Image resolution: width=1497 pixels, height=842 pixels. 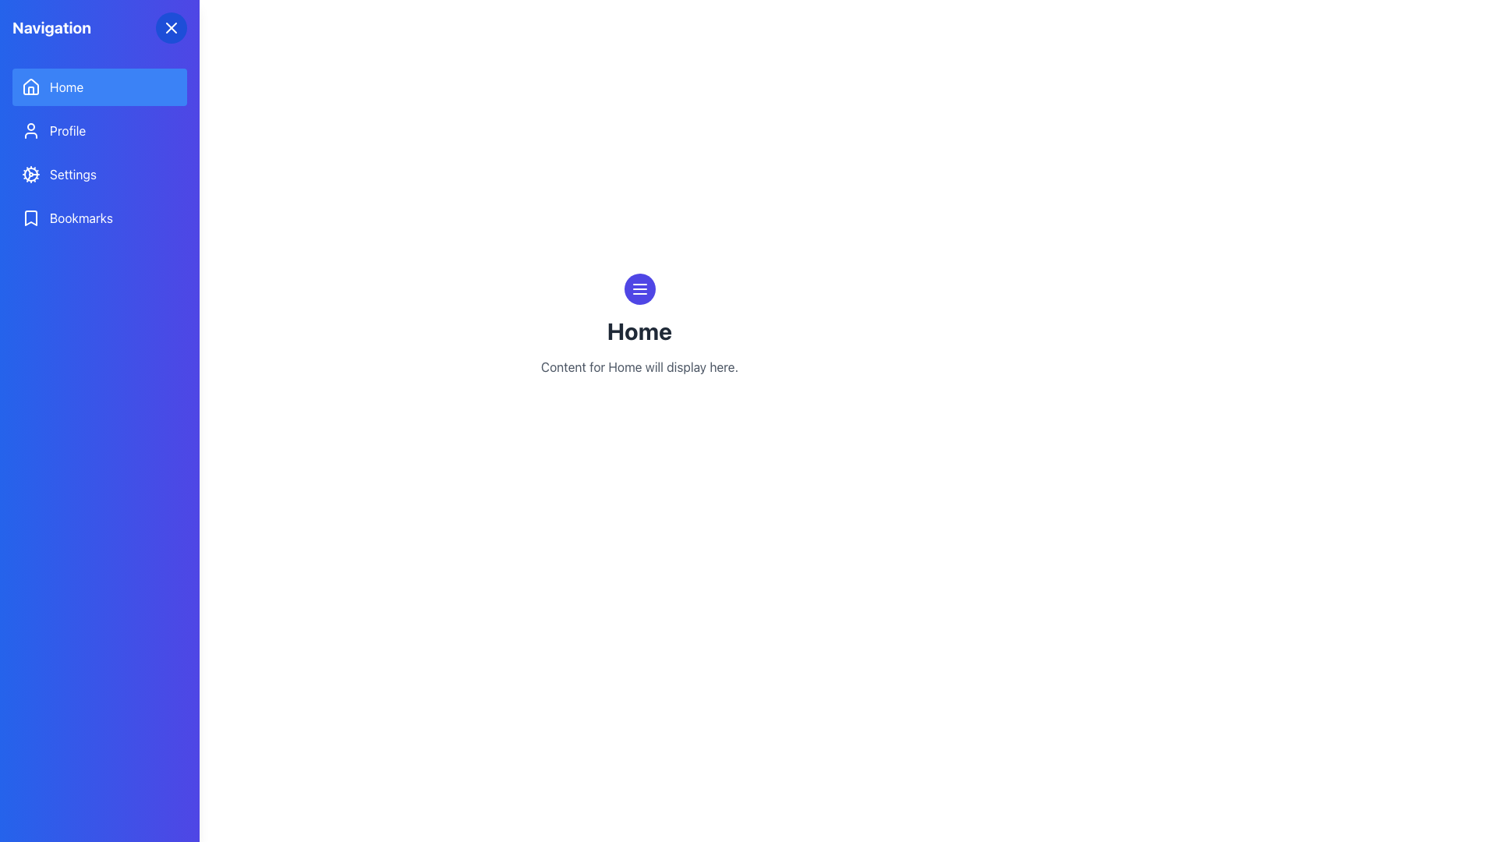 What do you see at coordinates (65, 87) in the screenshot?
I see `the 'Home' text label in the sidebar navigation menu` at bounding box center [65, 87].